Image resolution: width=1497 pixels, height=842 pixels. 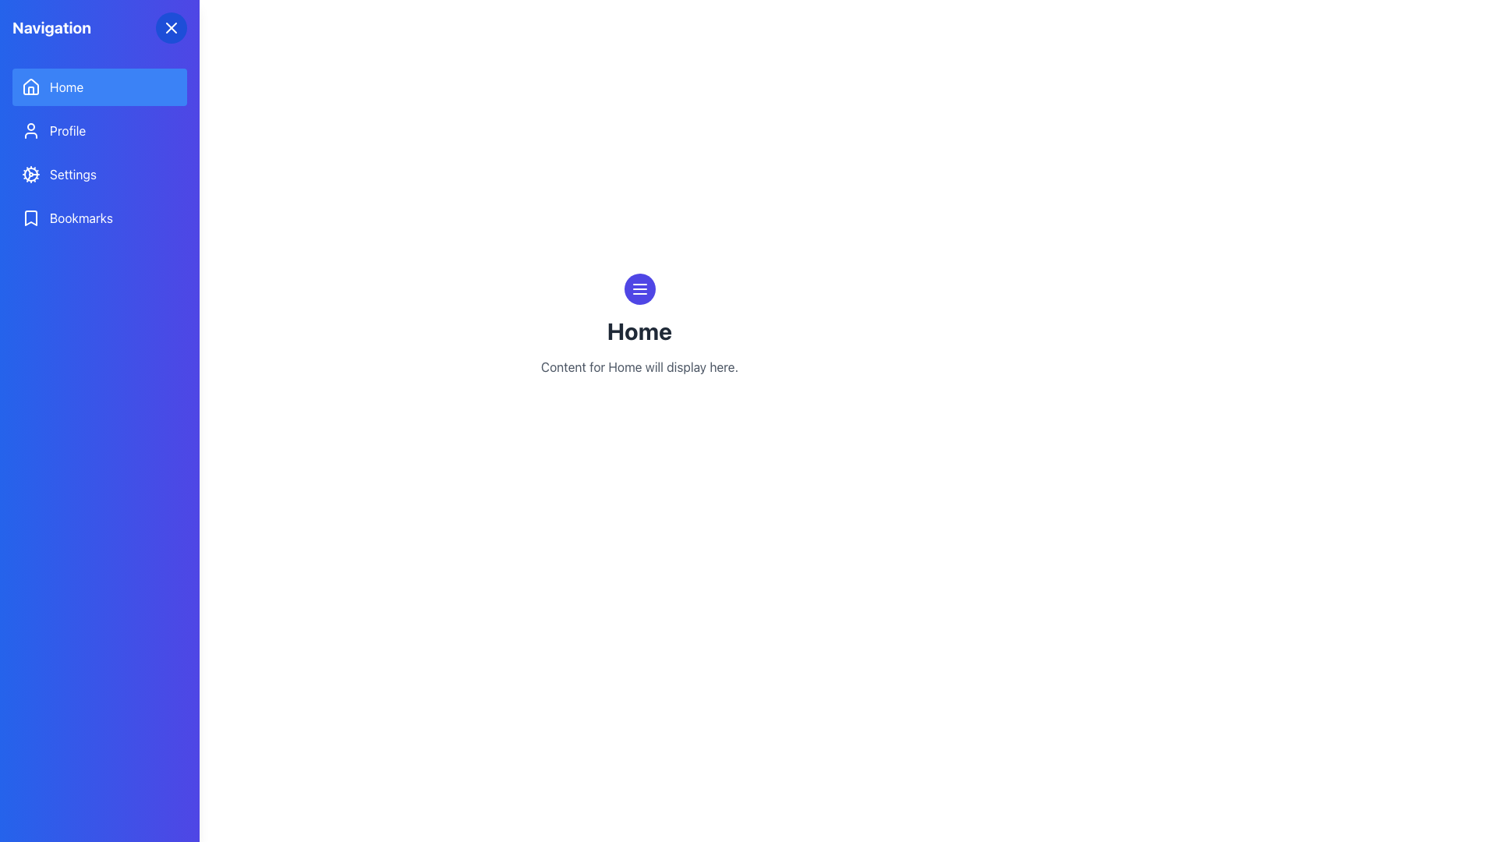 What do you see at coordinates (65, 87) in the screenshot?
I see `the 'Home' text label in the sidebar navigation menu` at bounding box center [65, 87].